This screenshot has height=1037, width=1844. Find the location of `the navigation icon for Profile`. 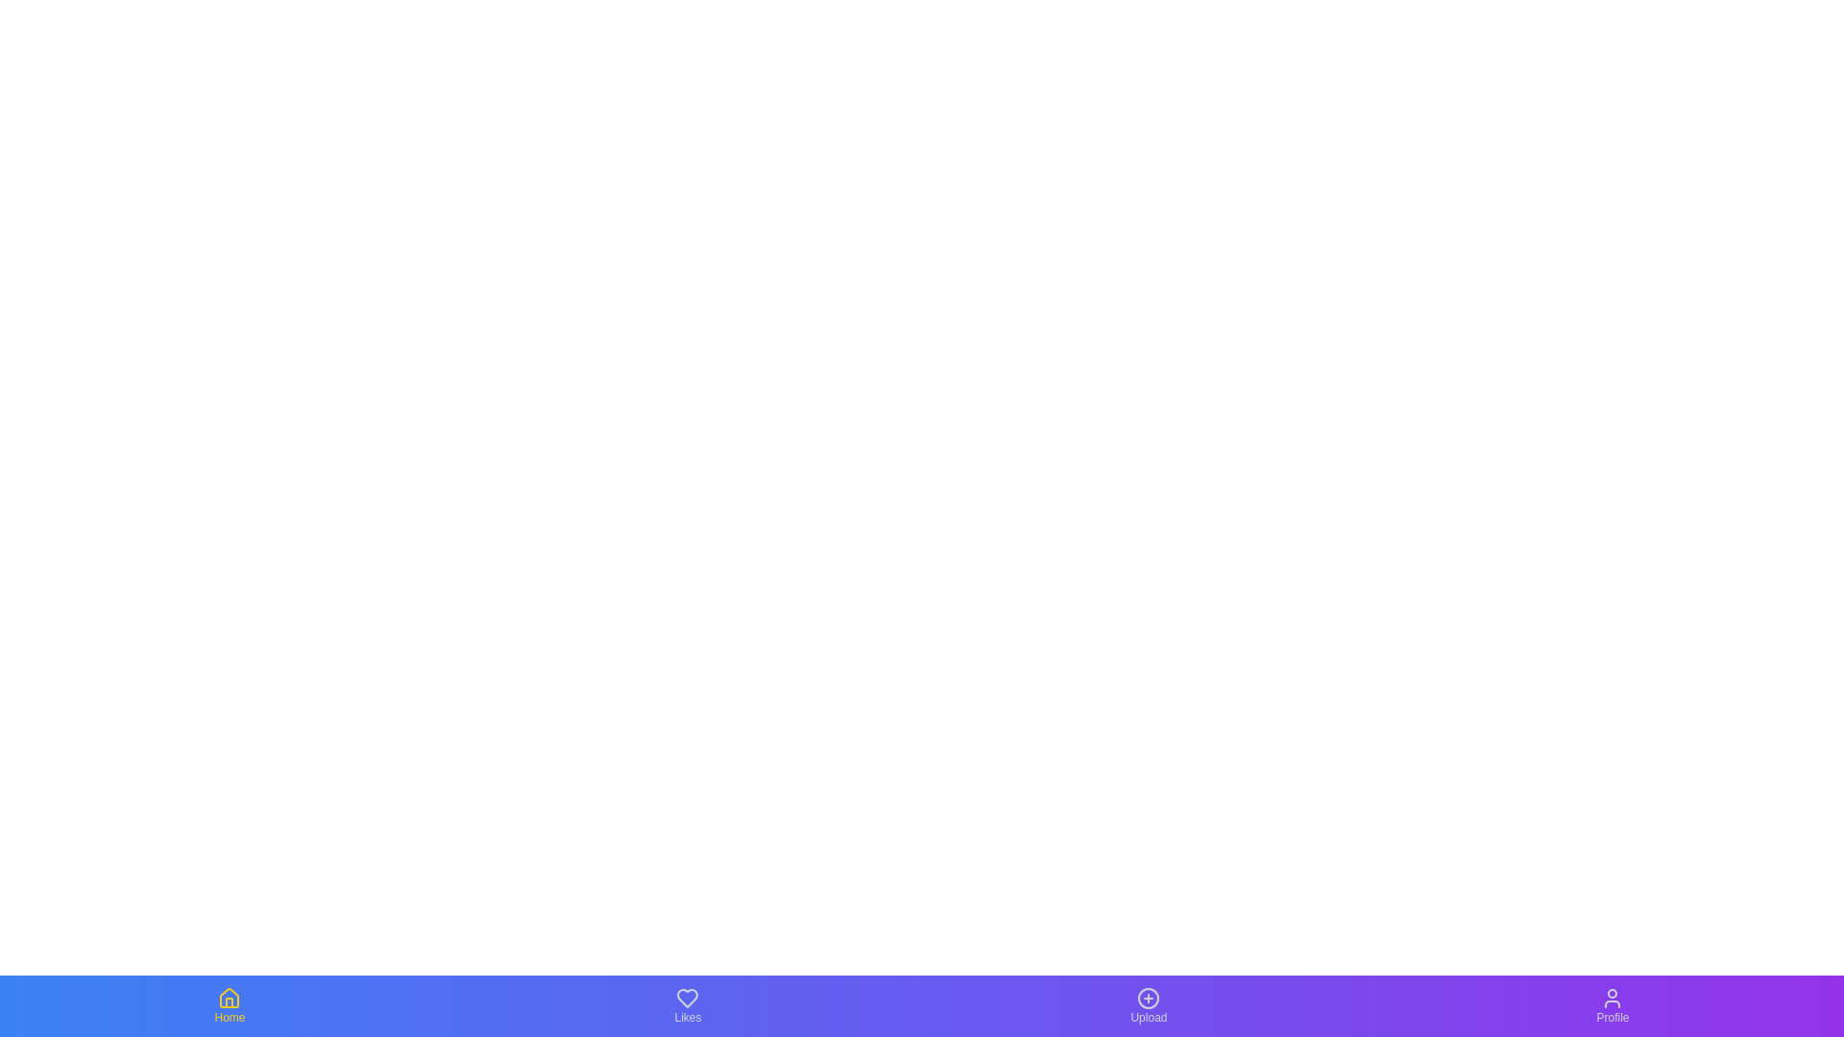

the navigation icon for Profile is located at coordinates (1613, 1005).